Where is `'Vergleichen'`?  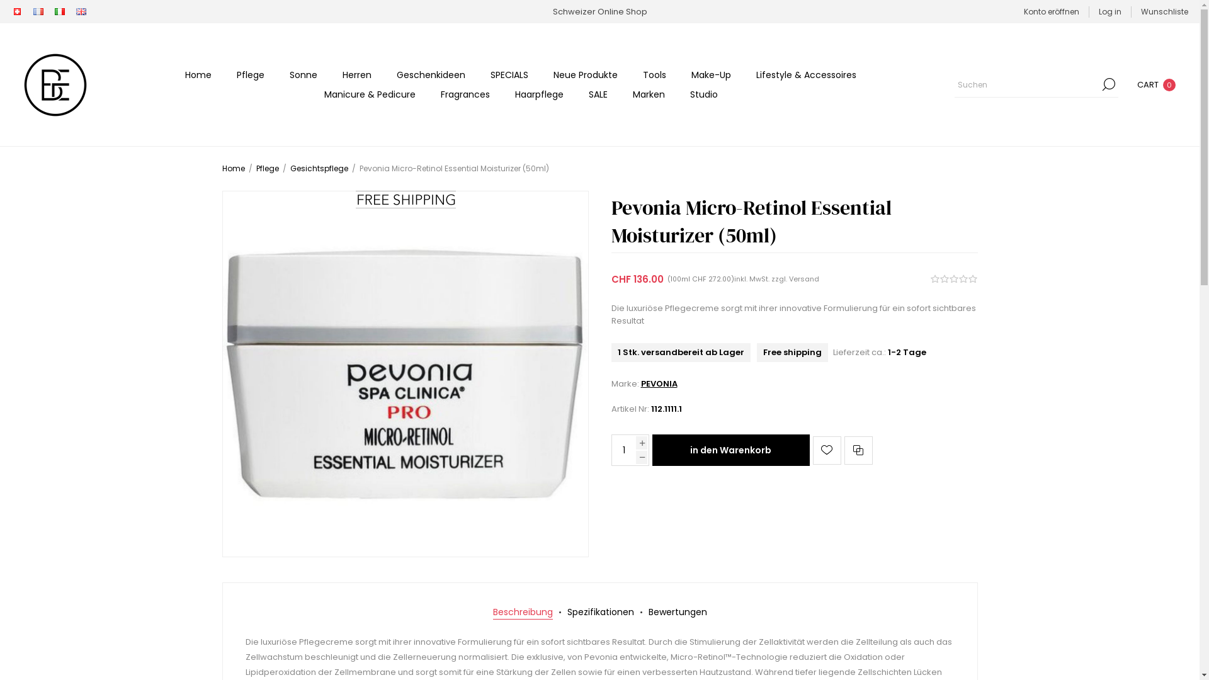
'Vergleichen' is located at coordinates (857, 450).